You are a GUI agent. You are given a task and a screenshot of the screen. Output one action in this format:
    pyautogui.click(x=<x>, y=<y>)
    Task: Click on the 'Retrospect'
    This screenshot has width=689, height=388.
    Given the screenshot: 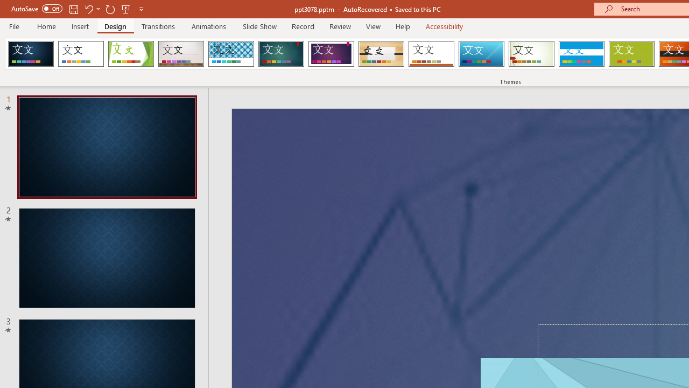 What is the action you would take?
    pyautogui.click(x=431, y=54)
    